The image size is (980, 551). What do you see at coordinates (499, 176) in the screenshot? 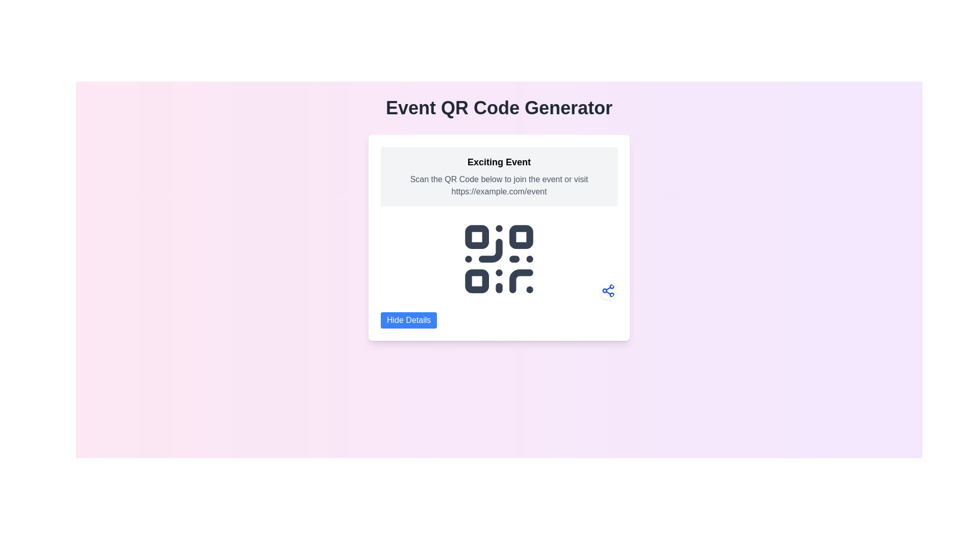
I see `the Information display area that shows the title 'Exciting Event' and event joining instructions` at bounding box center [499, 176].